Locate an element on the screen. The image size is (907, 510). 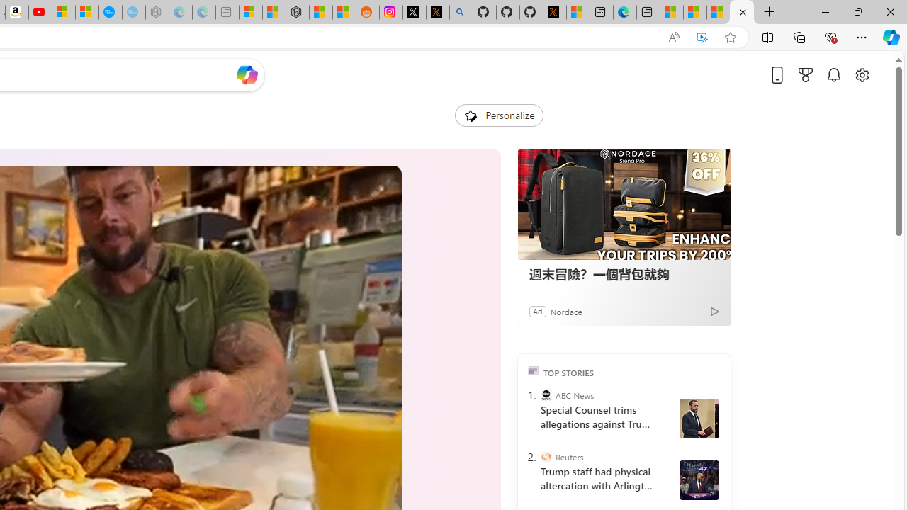
'Opinion: Op-Ed and Commentary - USA TODAY' is located at coordinates (109, 12).